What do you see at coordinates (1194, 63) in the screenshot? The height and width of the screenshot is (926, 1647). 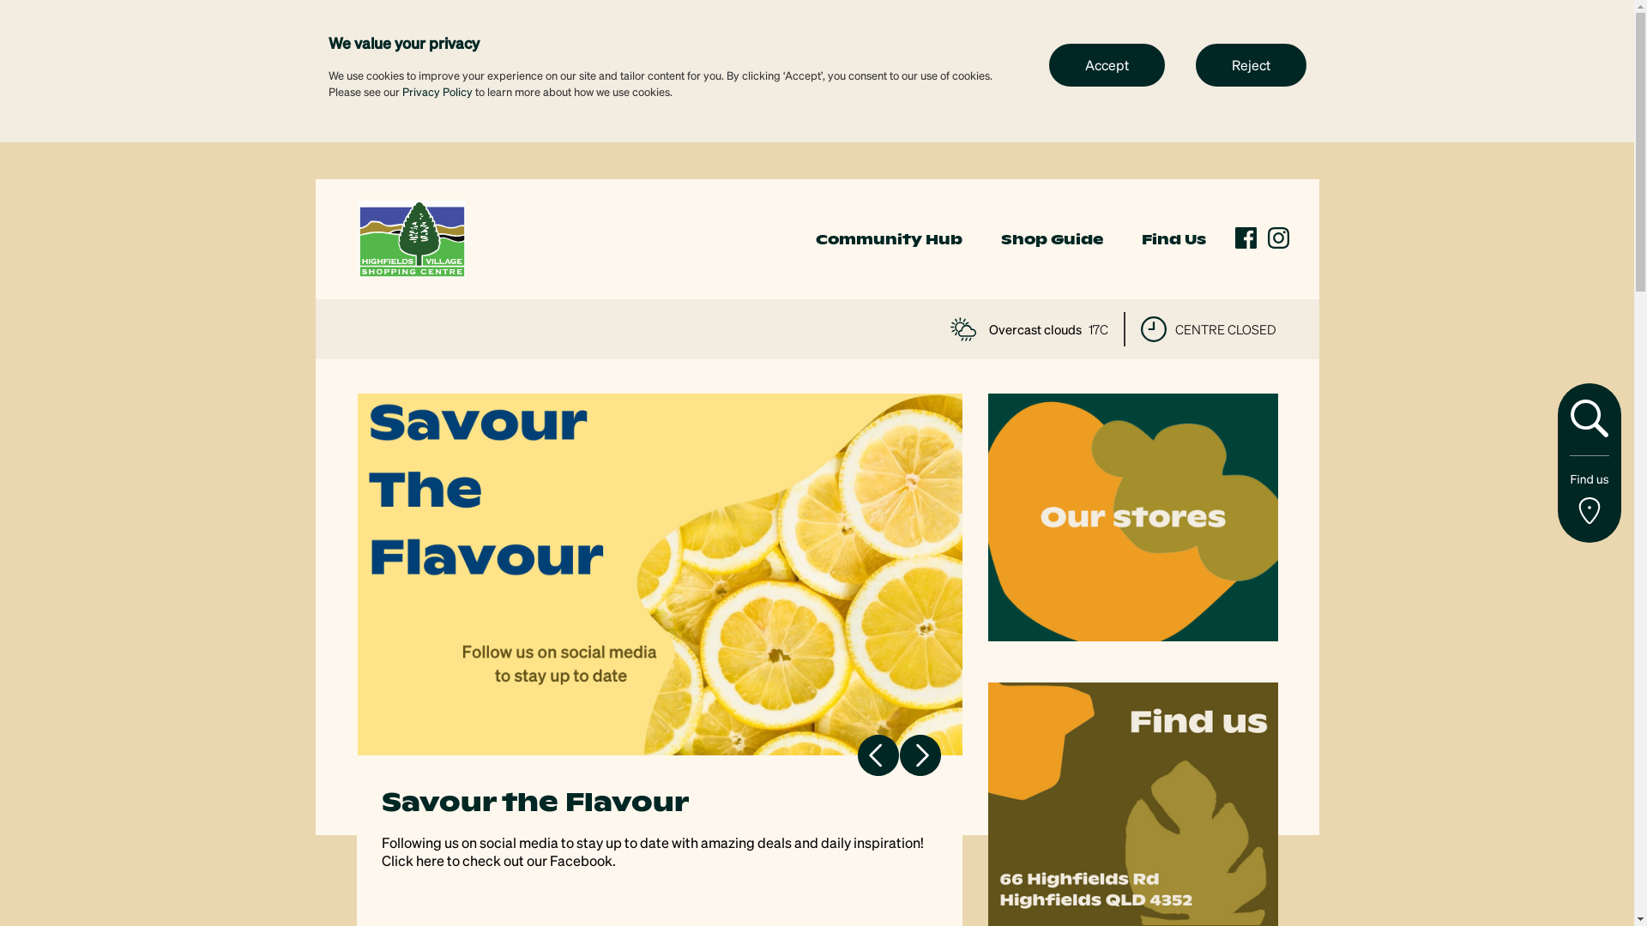 I see `'Reject'` at bounding box center [1194, 63].